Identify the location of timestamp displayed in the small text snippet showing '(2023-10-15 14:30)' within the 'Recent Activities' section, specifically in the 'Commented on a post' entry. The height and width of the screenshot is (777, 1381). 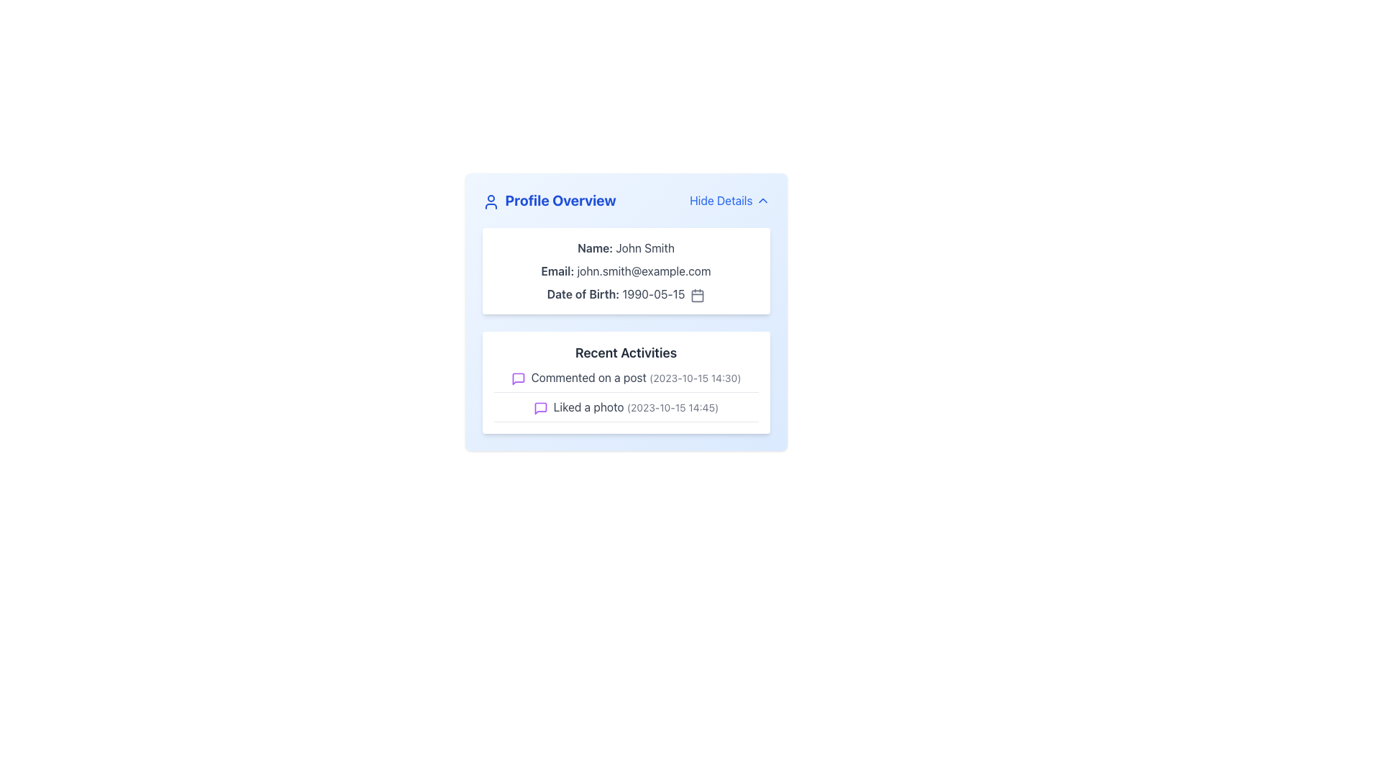
(695, 377).